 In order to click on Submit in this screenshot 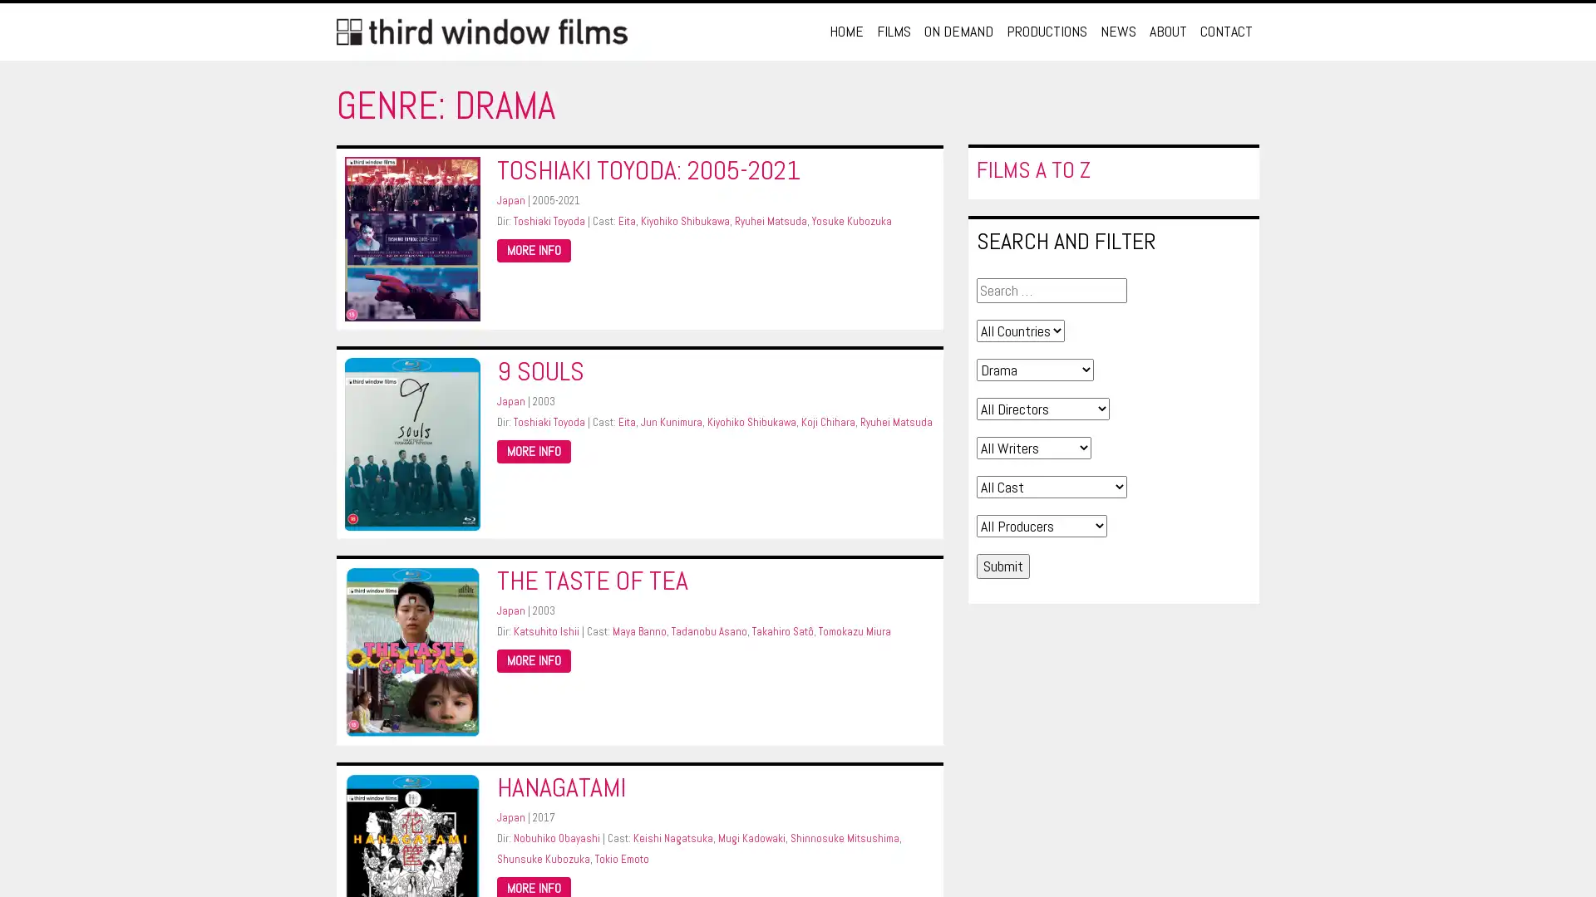, I will do `click(1002, 566)`.